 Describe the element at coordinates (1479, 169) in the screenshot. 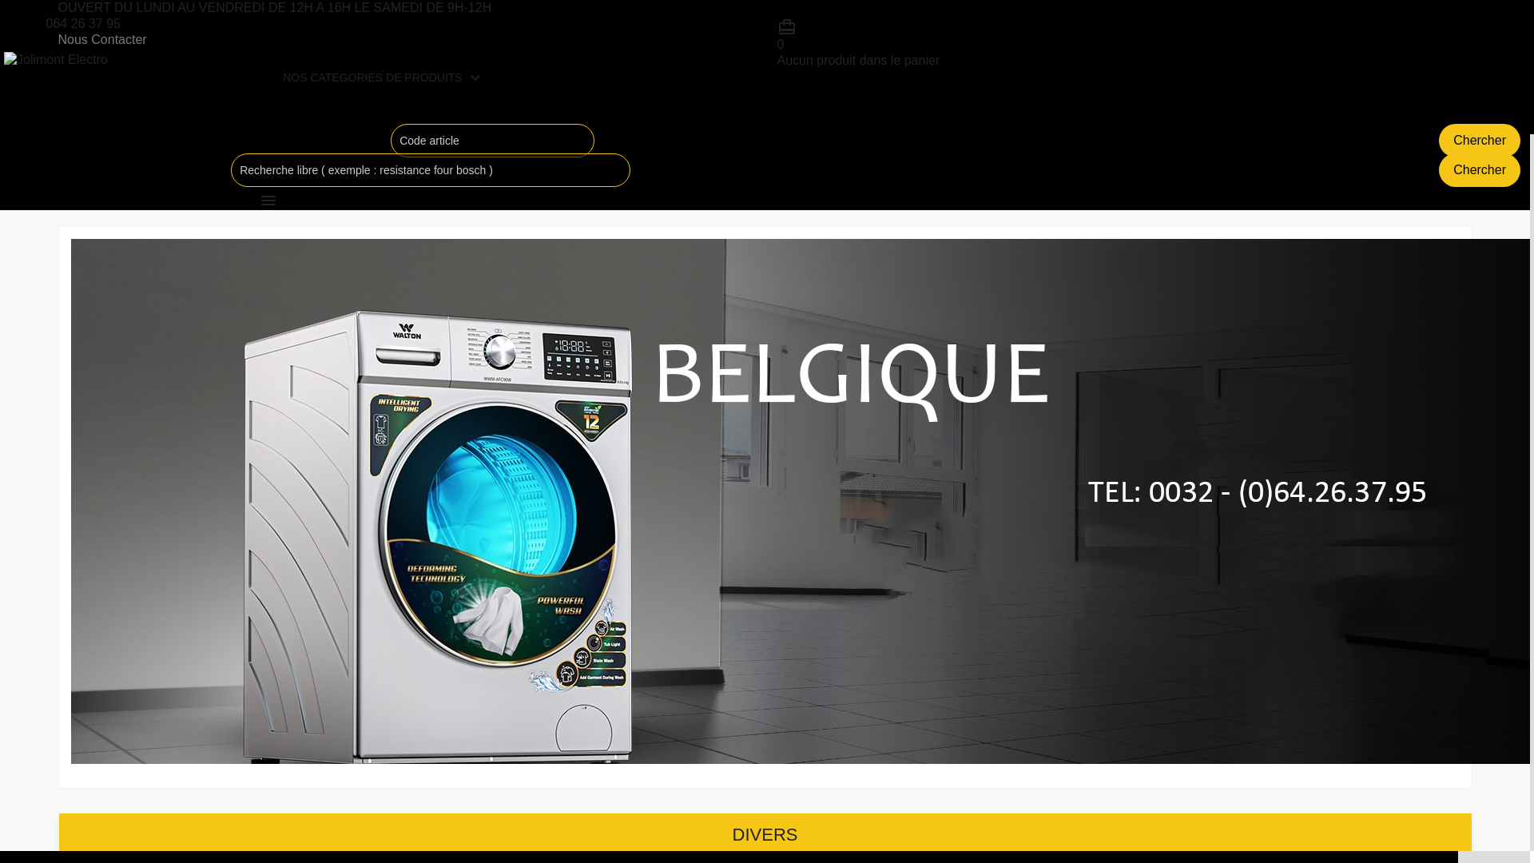

I see `'Chercher'` at that location.